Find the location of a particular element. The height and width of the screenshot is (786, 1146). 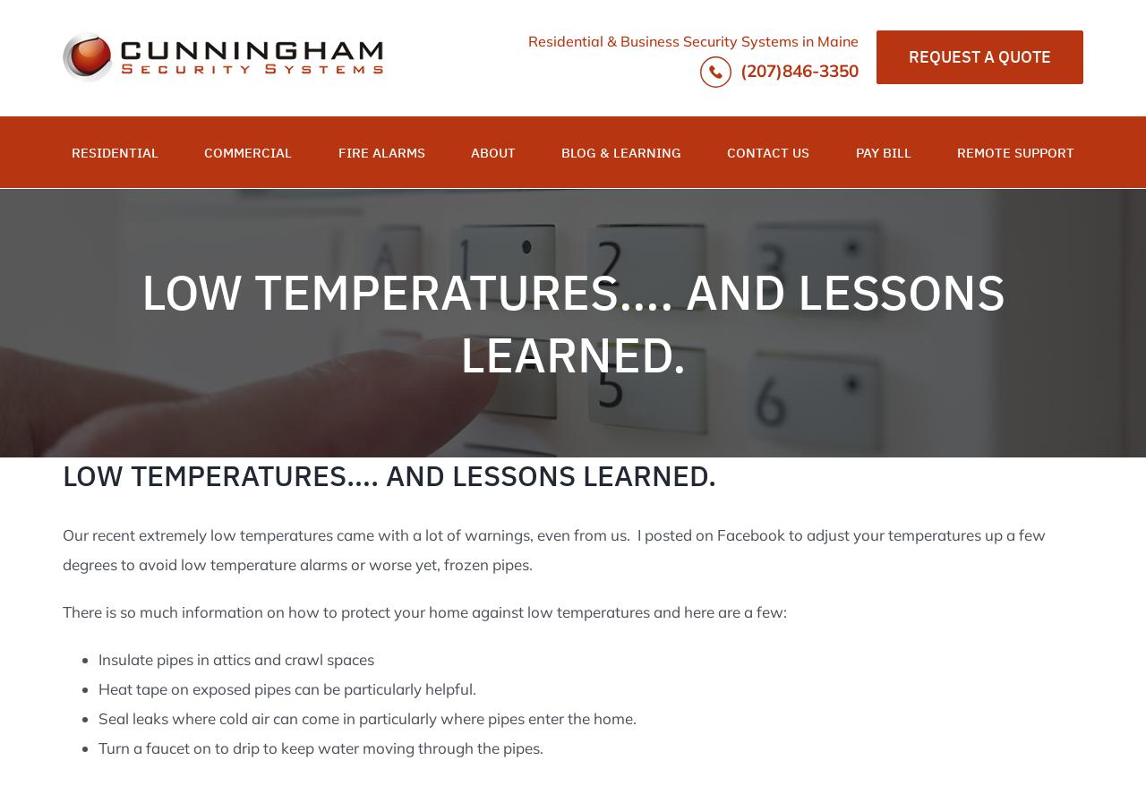

'Residential & Business Security Systems in Maine' is located at coordinates (692, 41).